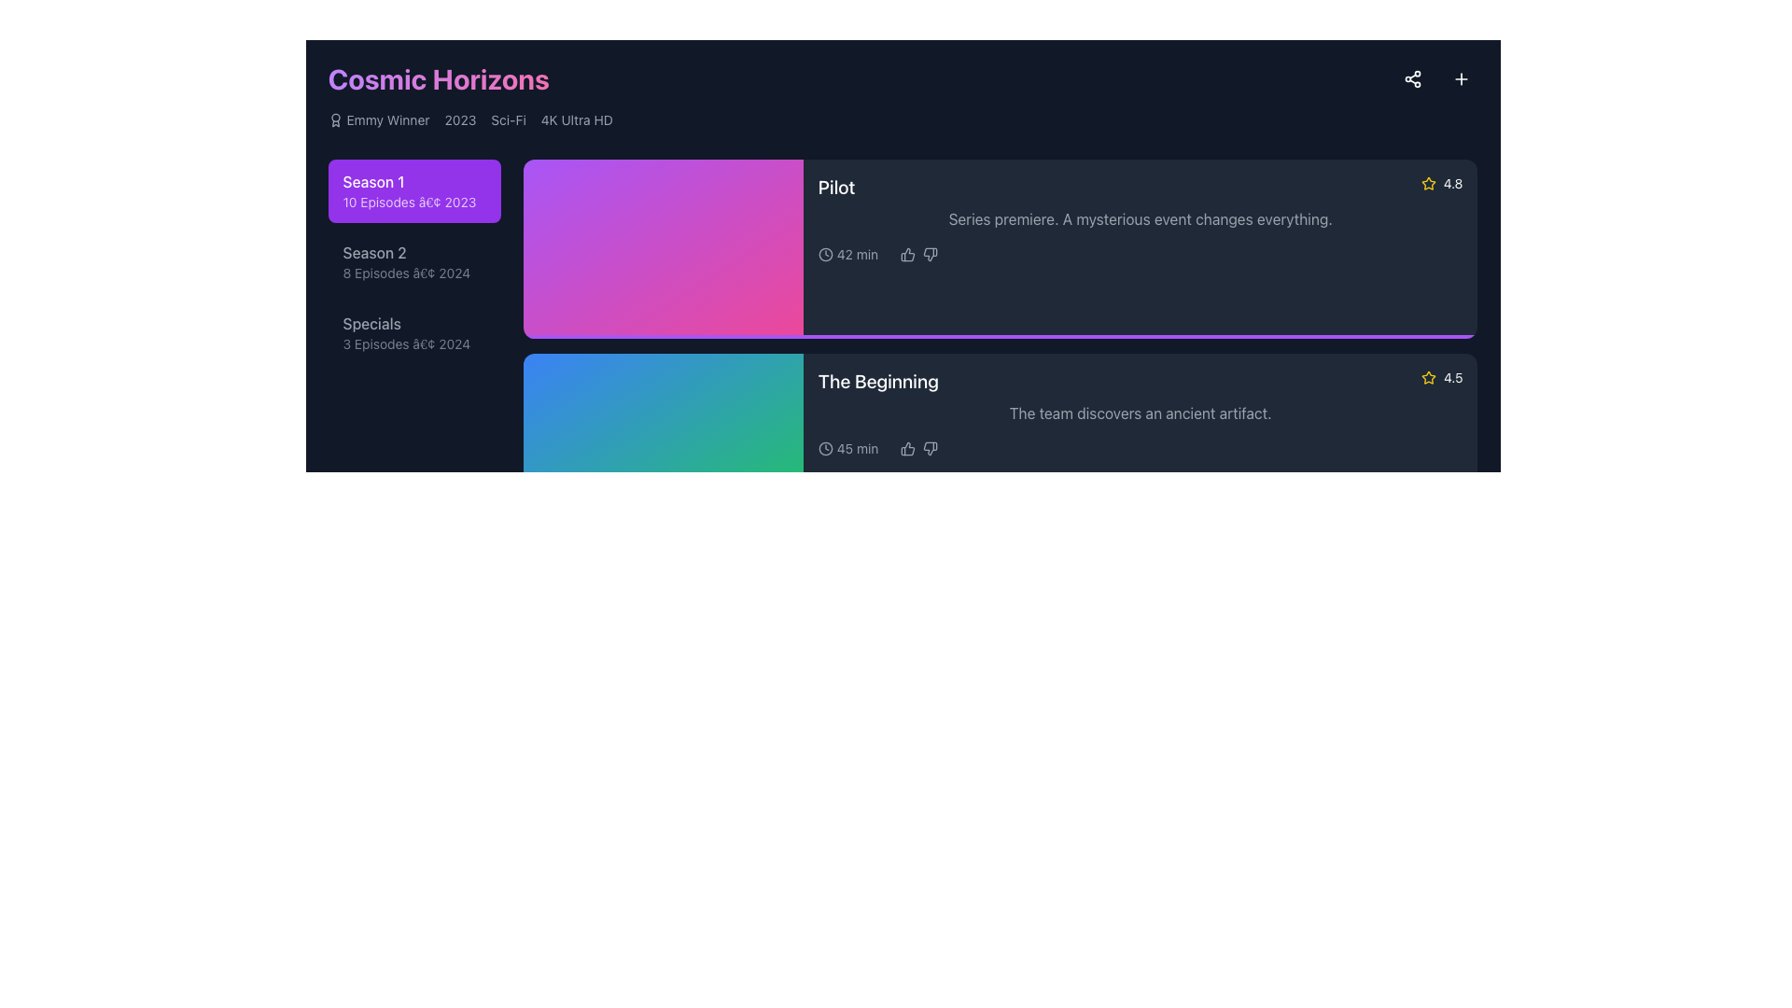 This screenshot has width=1792, height=1008. What do you see at coordinates (378, 119) in the screenshot?
I see `the 'Emmy Winner' label with the award icon, which is the first item in the horizontal list of show details below the 'Cosmic Horizons' header` at bounding box center [378, 119].